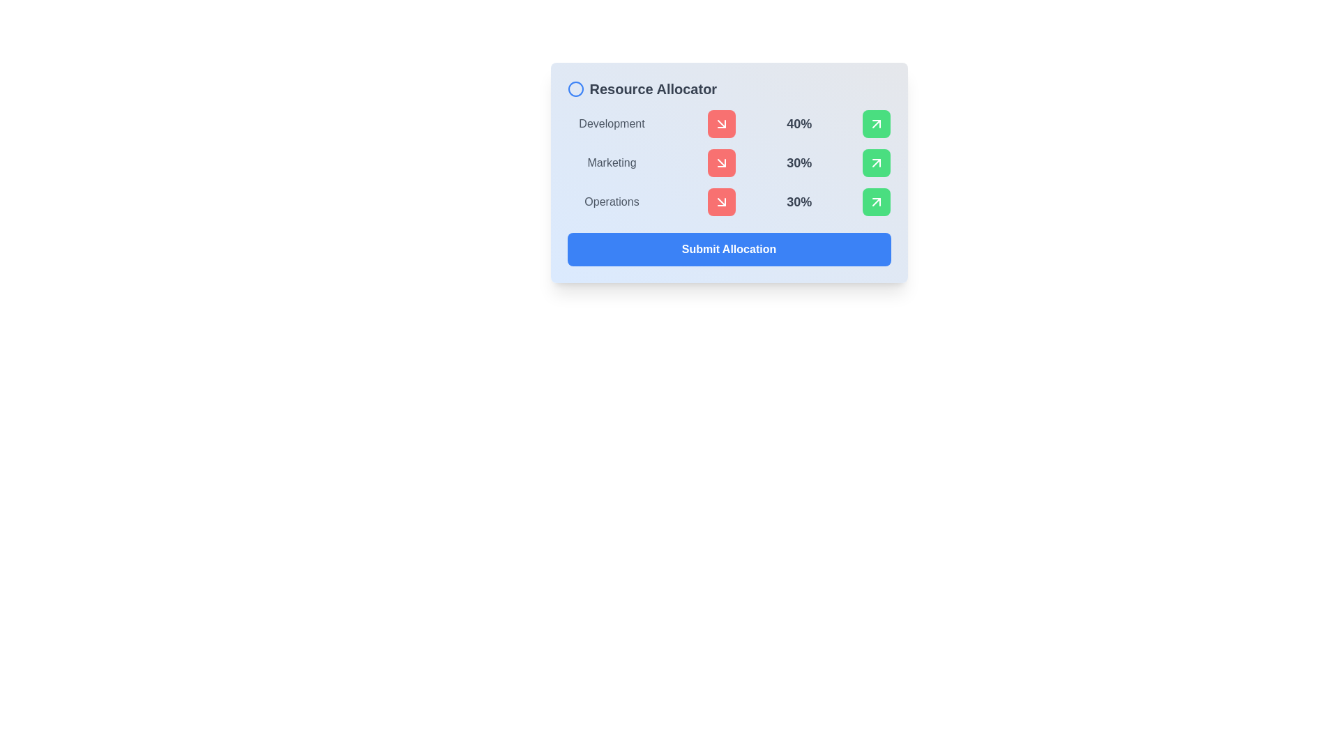  Describe the element at coordinates (876, 123) in the screenshot. I see `the upward-right arrow icon within the green circular button located on the right side of the last row in the 'Resource Allocator' panel to check its status representation` at that location.